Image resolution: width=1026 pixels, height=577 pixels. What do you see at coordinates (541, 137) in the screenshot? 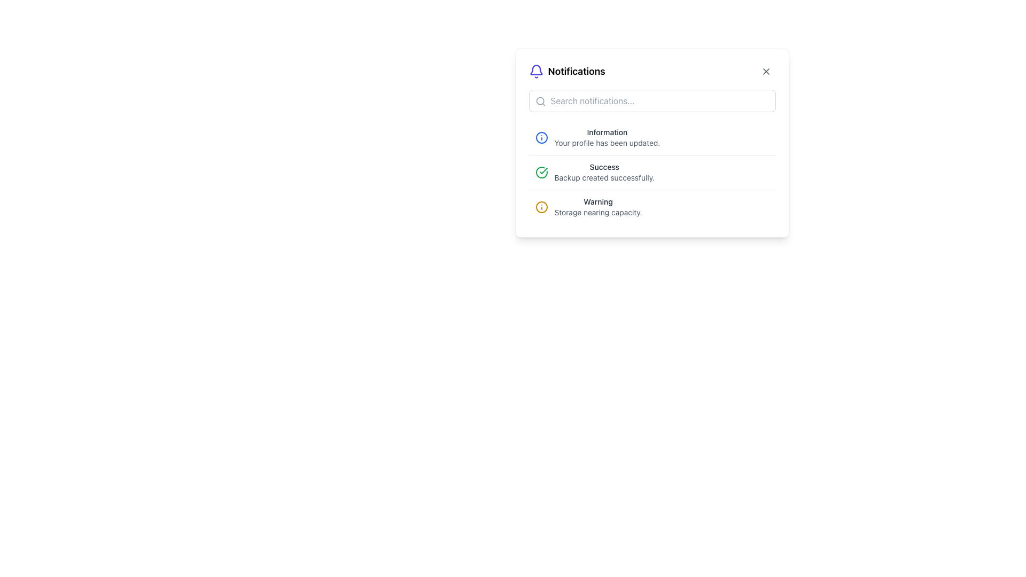
I see `the empty circular outline SVG element that represents the information icon, located to the left of the 'Information' text in the notifications list` at bounding box center [541, 137].